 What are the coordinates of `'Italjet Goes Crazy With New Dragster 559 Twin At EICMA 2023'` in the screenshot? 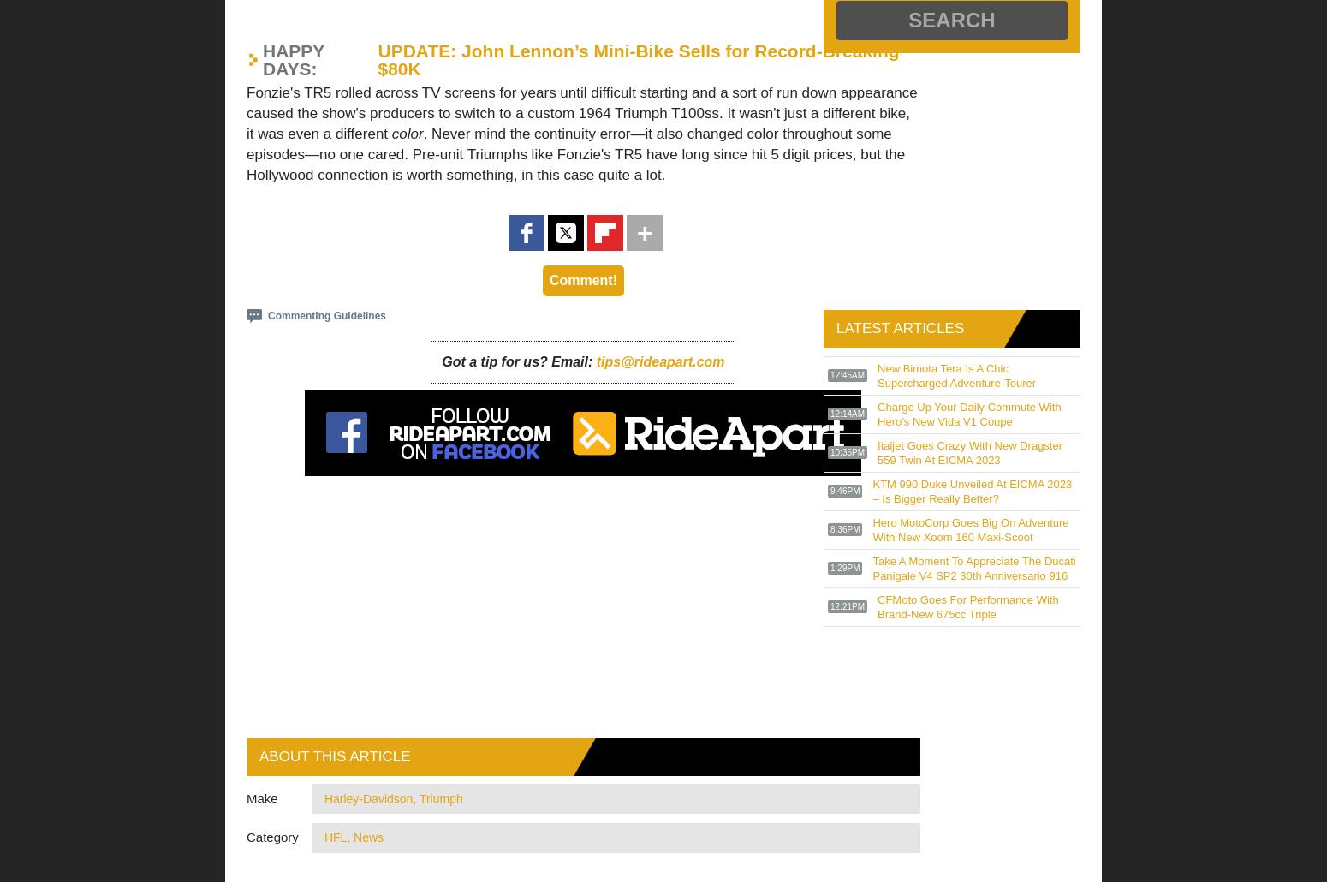 It's located at (969, 452).